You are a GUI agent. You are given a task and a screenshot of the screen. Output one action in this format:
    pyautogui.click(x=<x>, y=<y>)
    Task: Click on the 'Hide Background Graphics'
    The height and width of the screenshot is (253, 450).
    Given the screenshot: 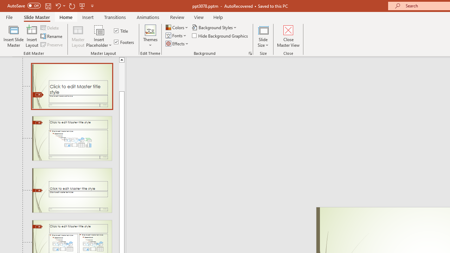 What is the action you would take?
    pyautogui.click(x=220, y=35)
    